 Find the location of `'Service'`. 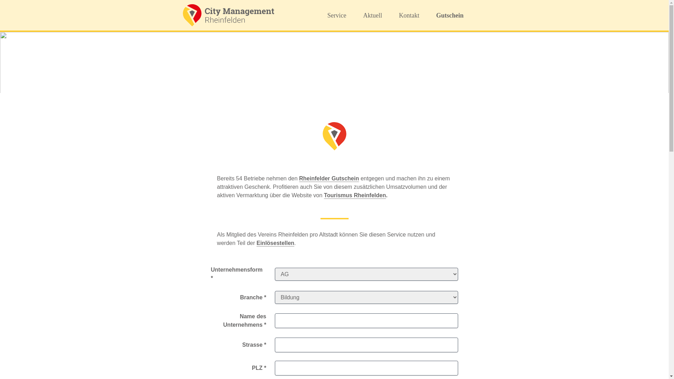

'Service' is located at coordinates (336, 15).